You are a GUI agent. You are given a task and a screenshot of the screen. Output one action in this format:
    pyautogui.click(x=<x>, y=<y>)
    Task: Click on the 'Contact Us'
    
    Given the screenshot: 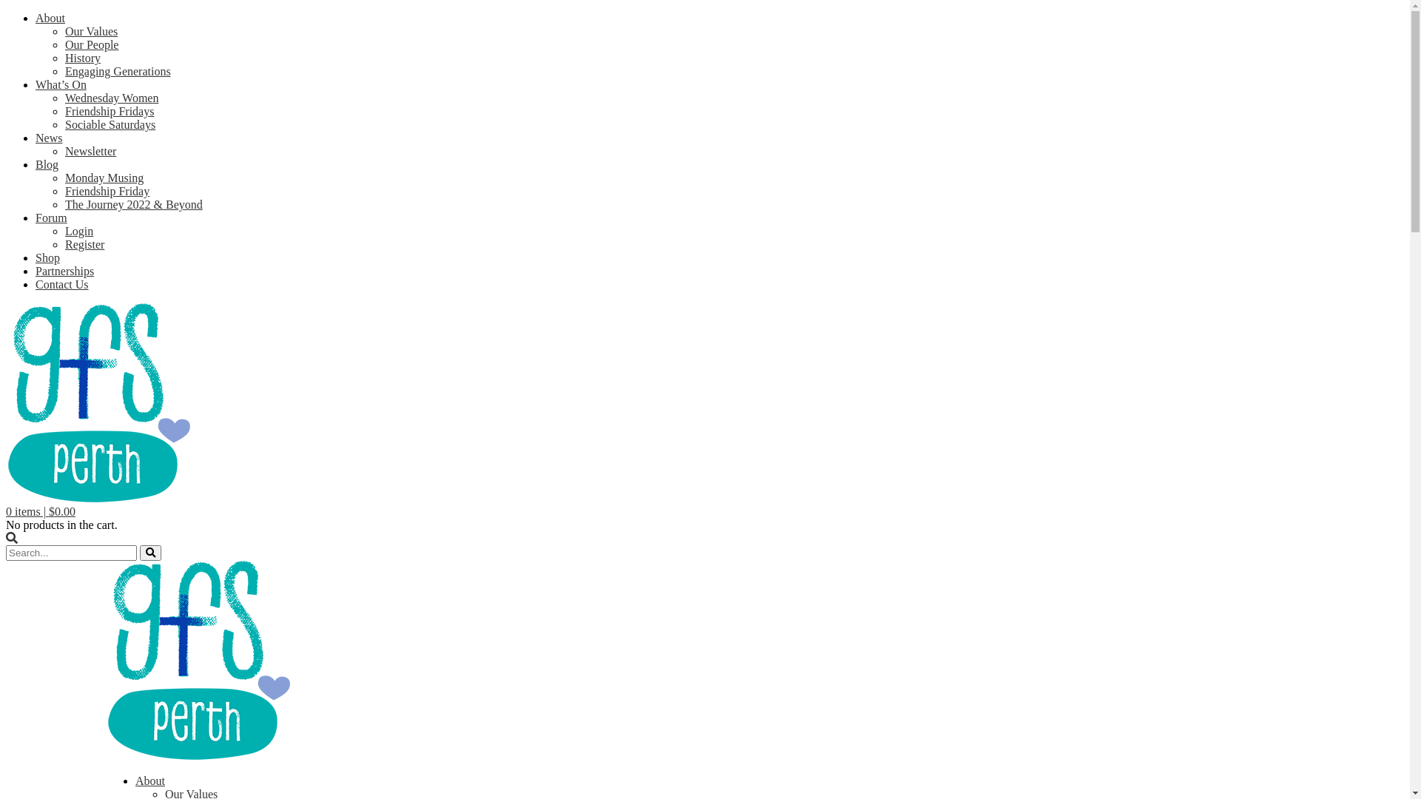 What is the action you would take?
    pyautogui.click(x=36, y=284)
    